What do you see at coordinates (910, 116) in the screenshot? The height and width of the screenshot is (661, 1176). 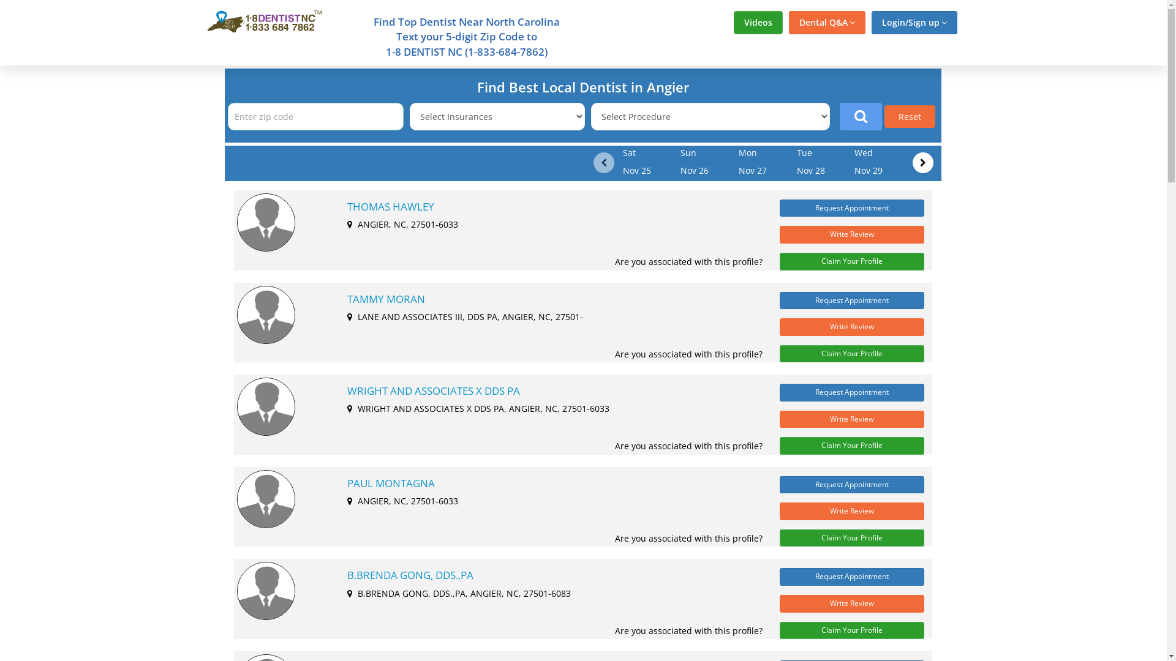 I see `'Reset'` at bounding box center [910, 116].